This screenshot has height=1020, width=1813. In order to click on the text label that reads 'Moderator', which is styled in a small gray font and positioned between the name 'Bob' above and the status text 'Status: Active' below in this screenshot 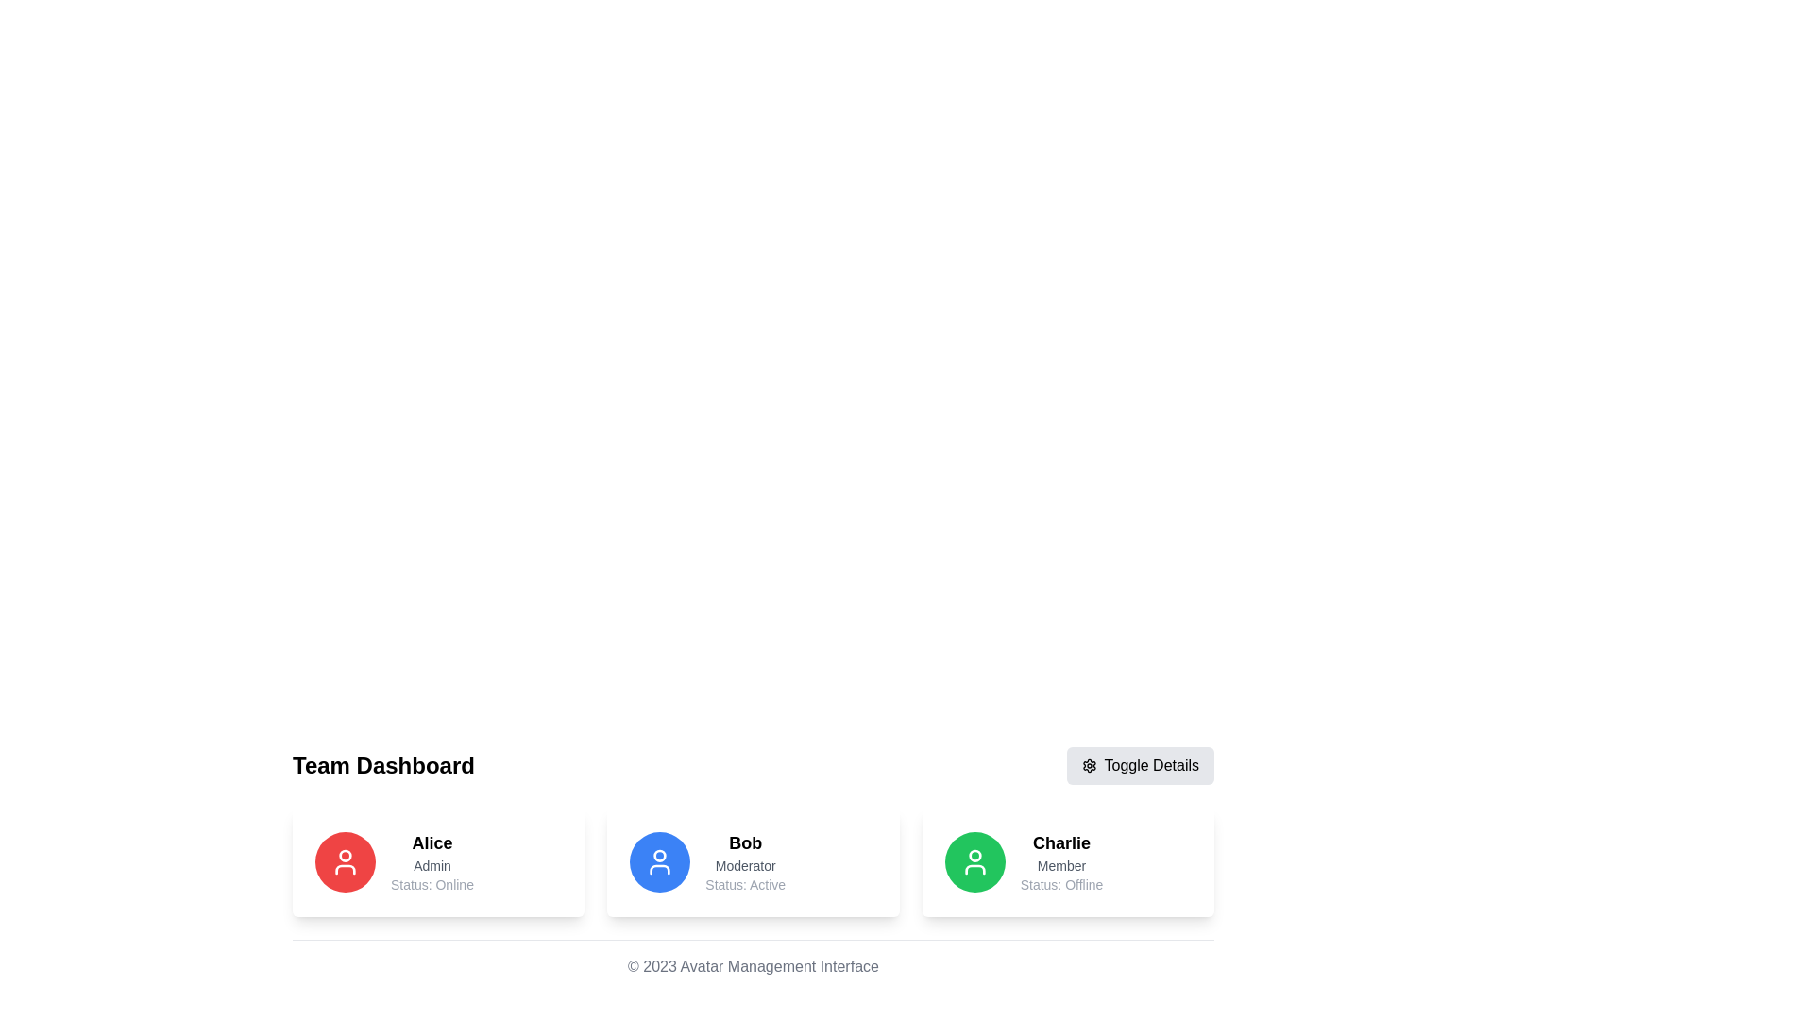, I will do `click(744, 866)`.